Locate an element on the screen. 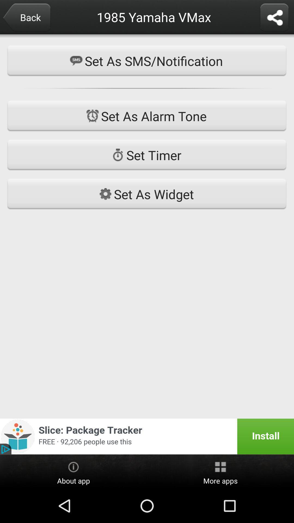  button to the left of more apps is located at coordinates (73, 472).